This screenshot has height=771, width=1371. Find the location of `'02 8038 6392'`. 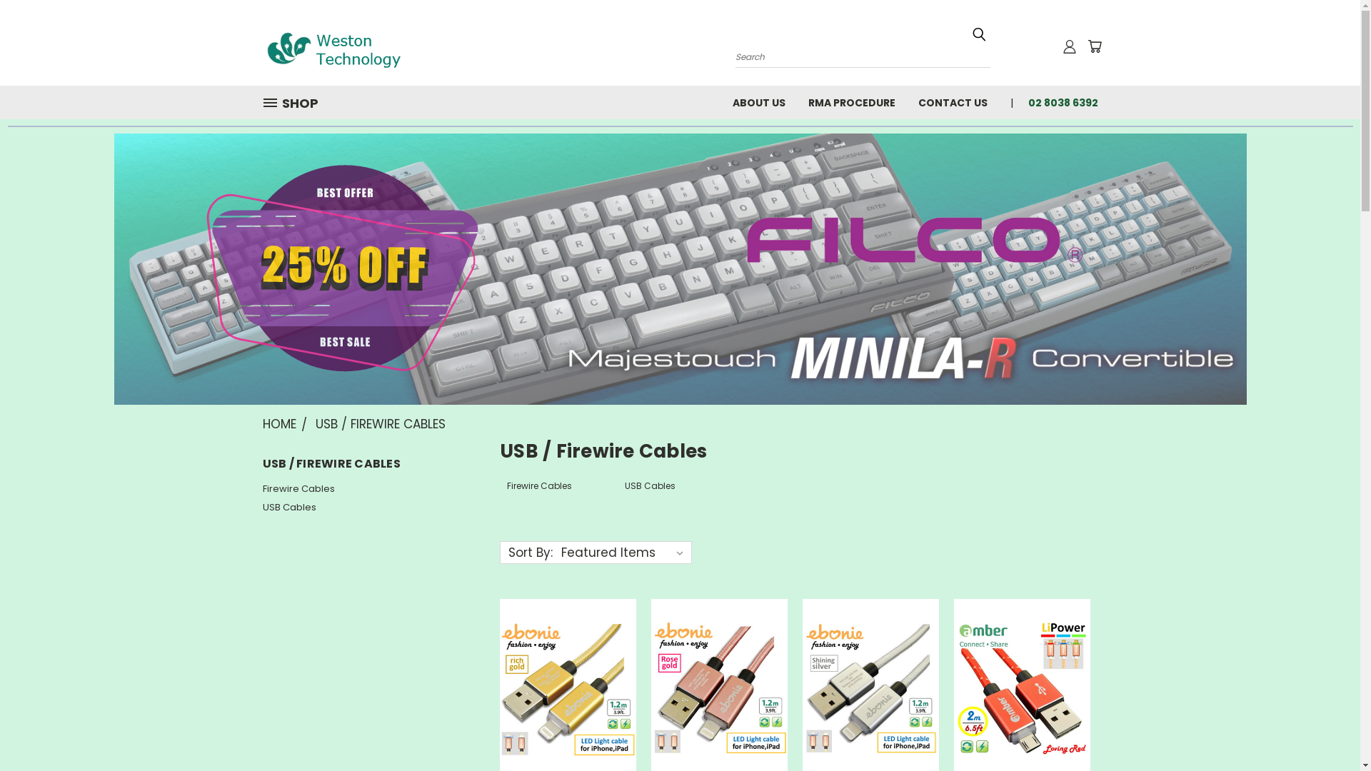

'02 8038 6392' is located at coordinates (1058, 101).